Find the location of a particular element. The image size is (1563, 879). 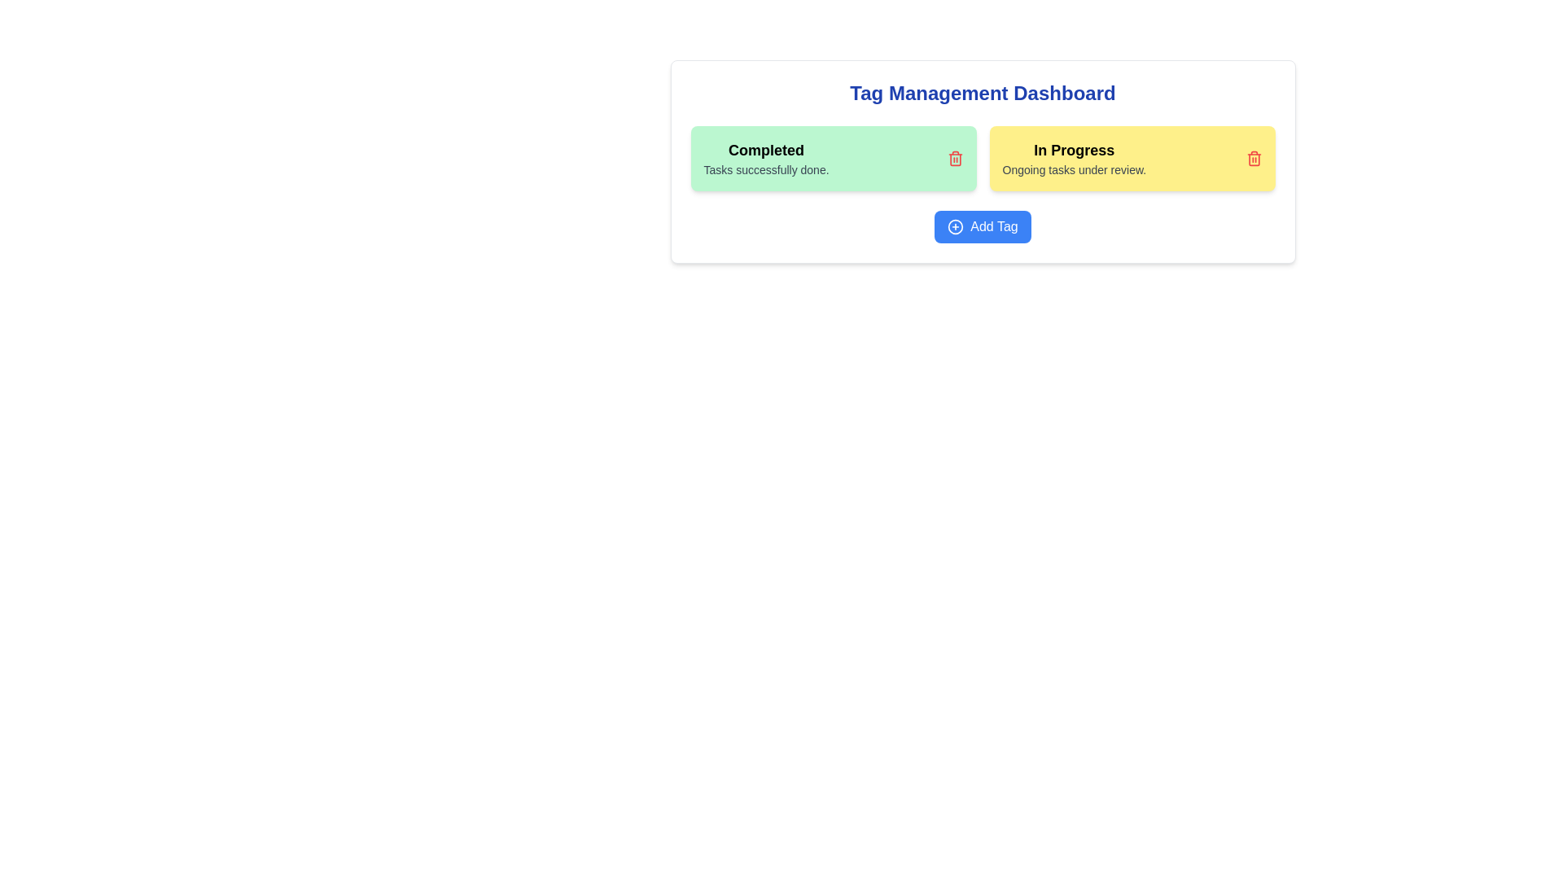

text from the textual label describing the 'In Progress' category in the Tag Management Dashboard, which is centrally aligned inside the yellow section is located at coordinates (1074, 159).